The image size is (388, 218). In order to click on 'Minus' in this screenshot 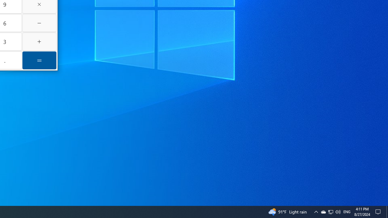, I will do `click(39, 23)`.